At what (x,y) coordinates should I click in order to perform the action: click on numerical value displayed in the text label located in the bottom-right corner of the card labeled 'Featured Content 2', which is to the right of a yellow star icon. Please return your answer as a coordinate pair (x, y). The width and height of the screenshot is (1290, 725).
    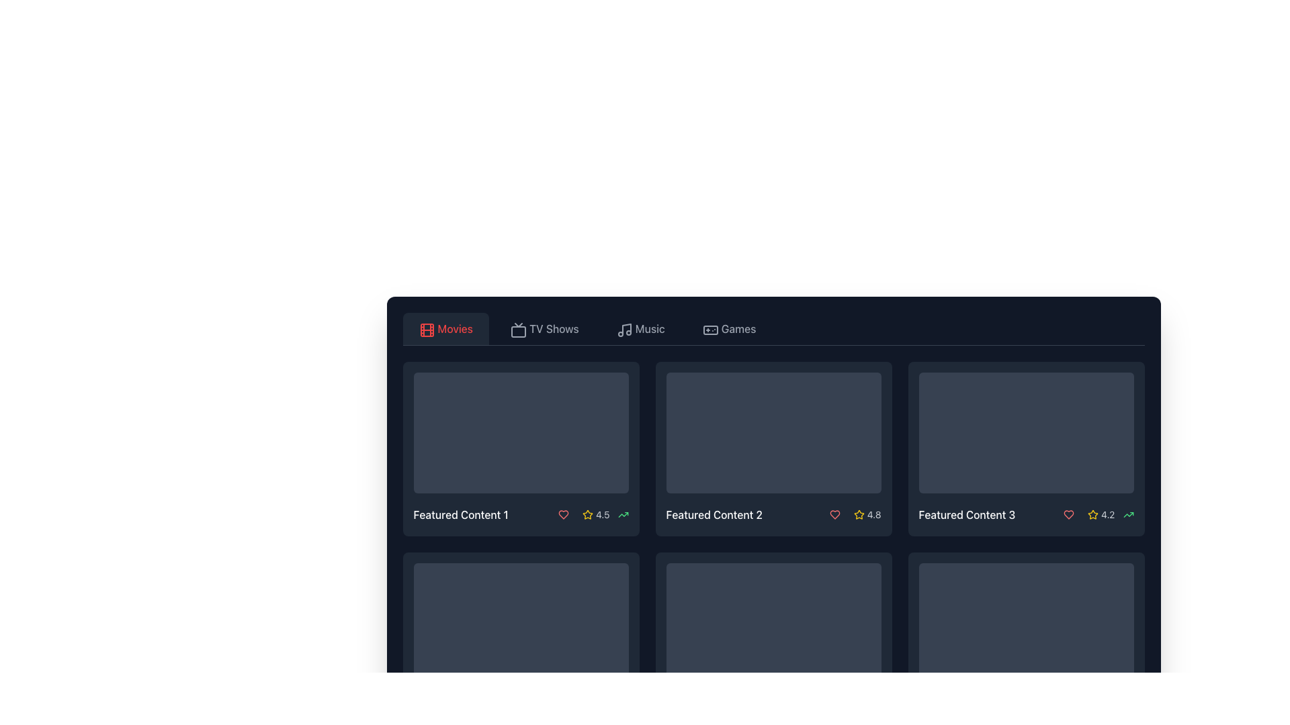
    Looking at the image, I should click on (874, 514).